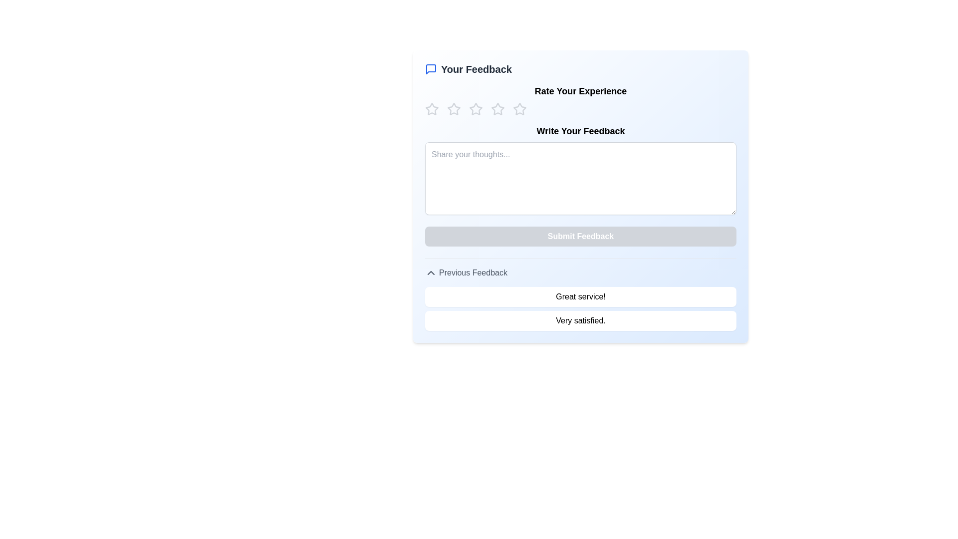 The width and height of the screenshot is (958, 539). I want to click on the header text label that reads 'Rate Your Experience', which is bold and centrally aligned, positioned below 'Your Feedback' and above the star rating icons, so click(580, 91).